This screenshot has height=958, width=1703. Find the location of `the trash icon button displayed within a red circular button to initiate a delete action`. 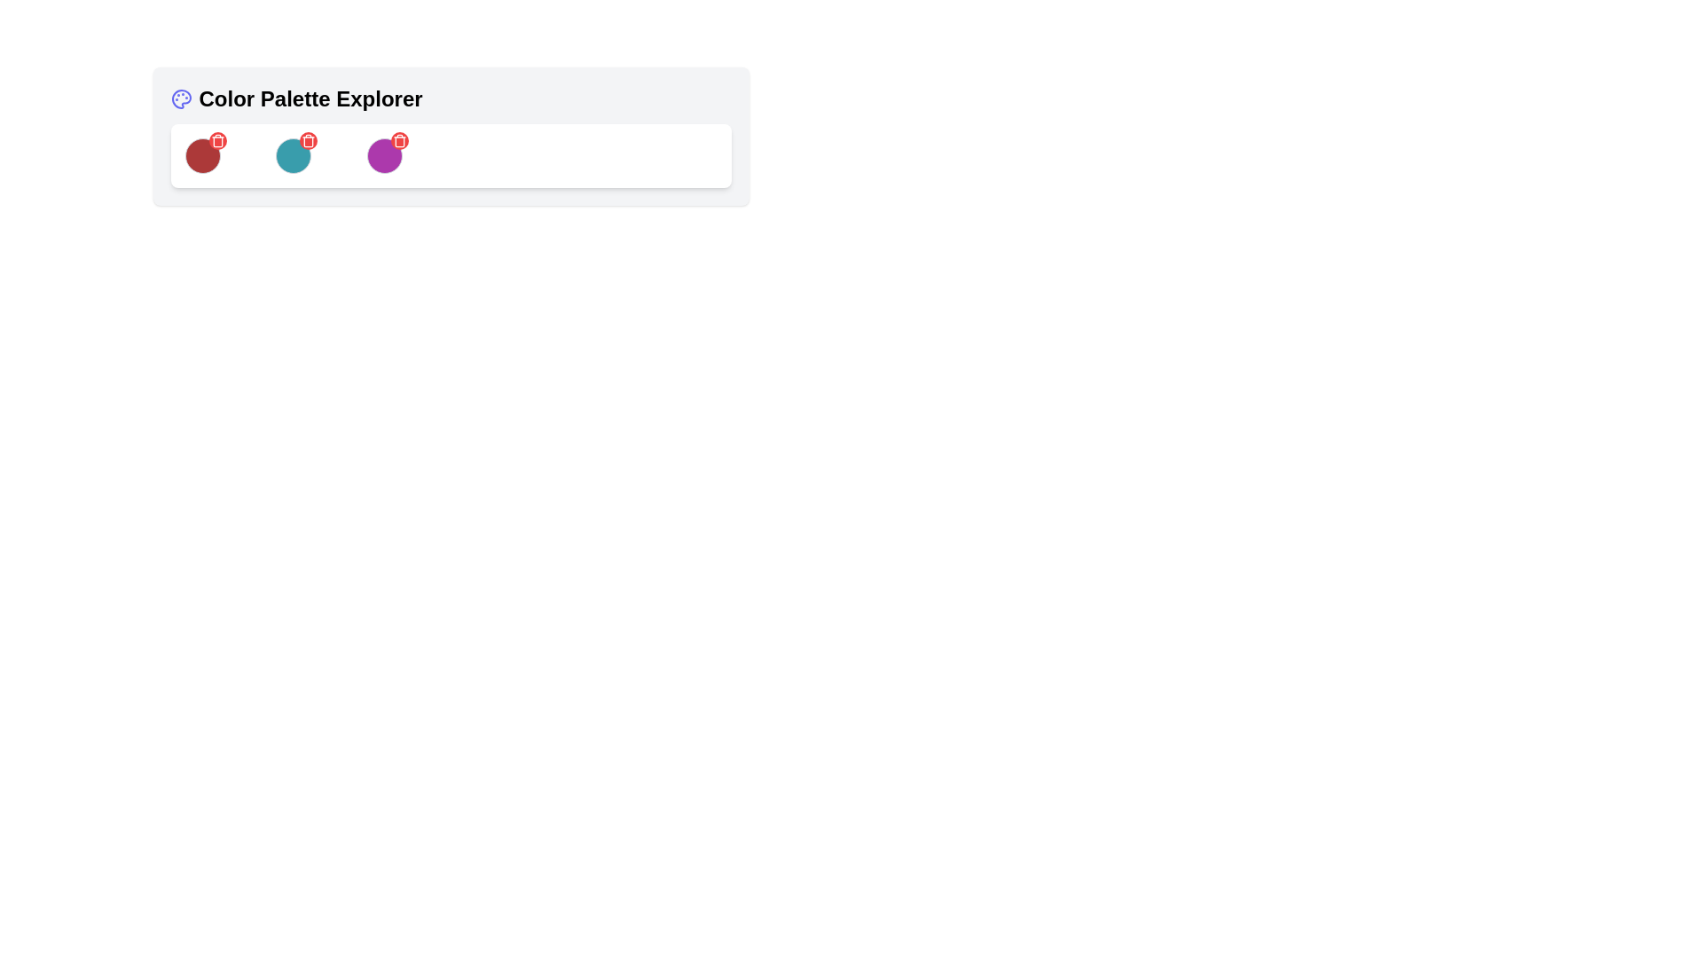

the trash icon button displayed within a red circular button to initiate a delete action is located at coordinates (309, 139).